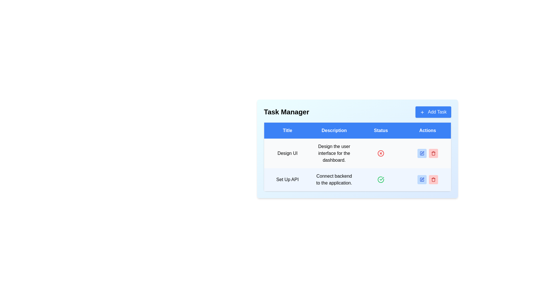  What do you see at coordinates (422, 179) in the screenshot?
I see `the edit icon button located in the Actions column of the second row in the table to allow the user` at bounding box center [422, 179].